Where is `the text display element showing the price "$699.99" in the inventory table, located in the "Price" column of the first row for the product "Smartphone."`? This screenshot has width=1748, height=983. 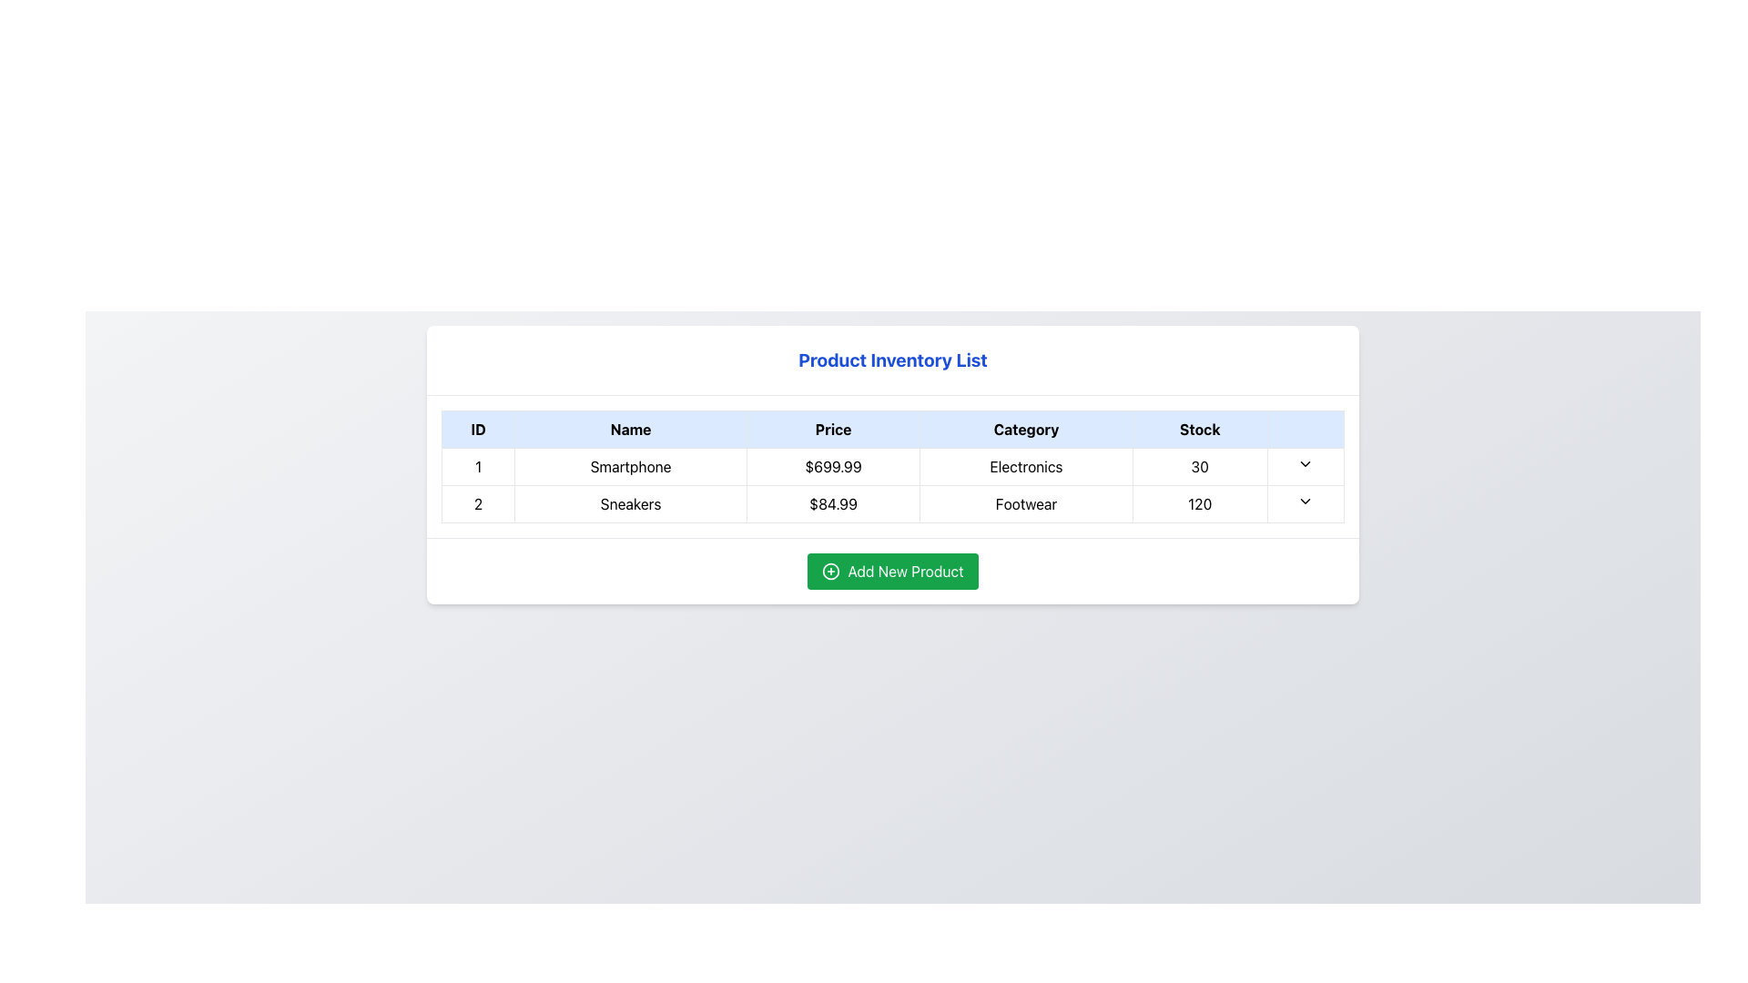 the text display element showing the price "$699.99" in the inventory table, located in the "Price" column of the first row for the product "Smartphone." is located at coordinates (832, 466).